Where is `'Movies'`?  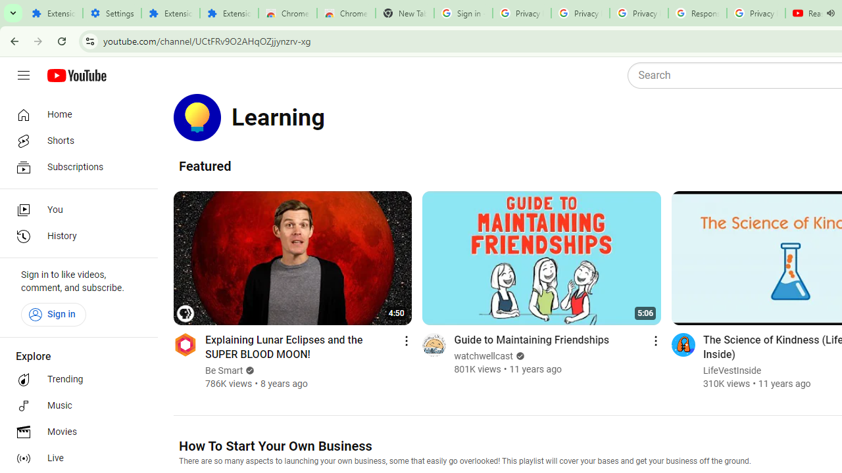 'Movies' is located at coordinates (74, 432).